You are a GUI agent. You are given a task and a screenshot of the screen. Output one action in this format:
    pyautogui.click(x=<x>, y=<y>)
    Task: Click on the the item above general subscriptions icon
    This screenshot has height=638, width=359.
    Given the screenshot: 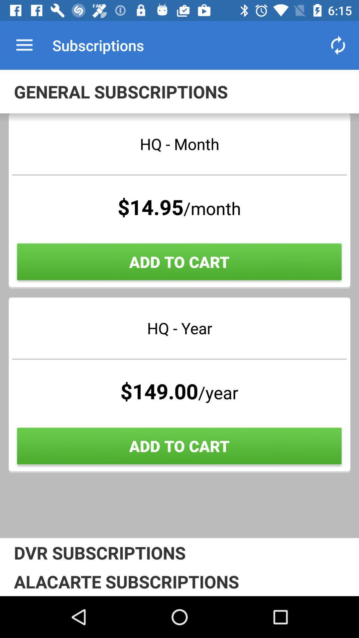 What is the action you would take?
    pyautogui.click(x=24, y=45)
    